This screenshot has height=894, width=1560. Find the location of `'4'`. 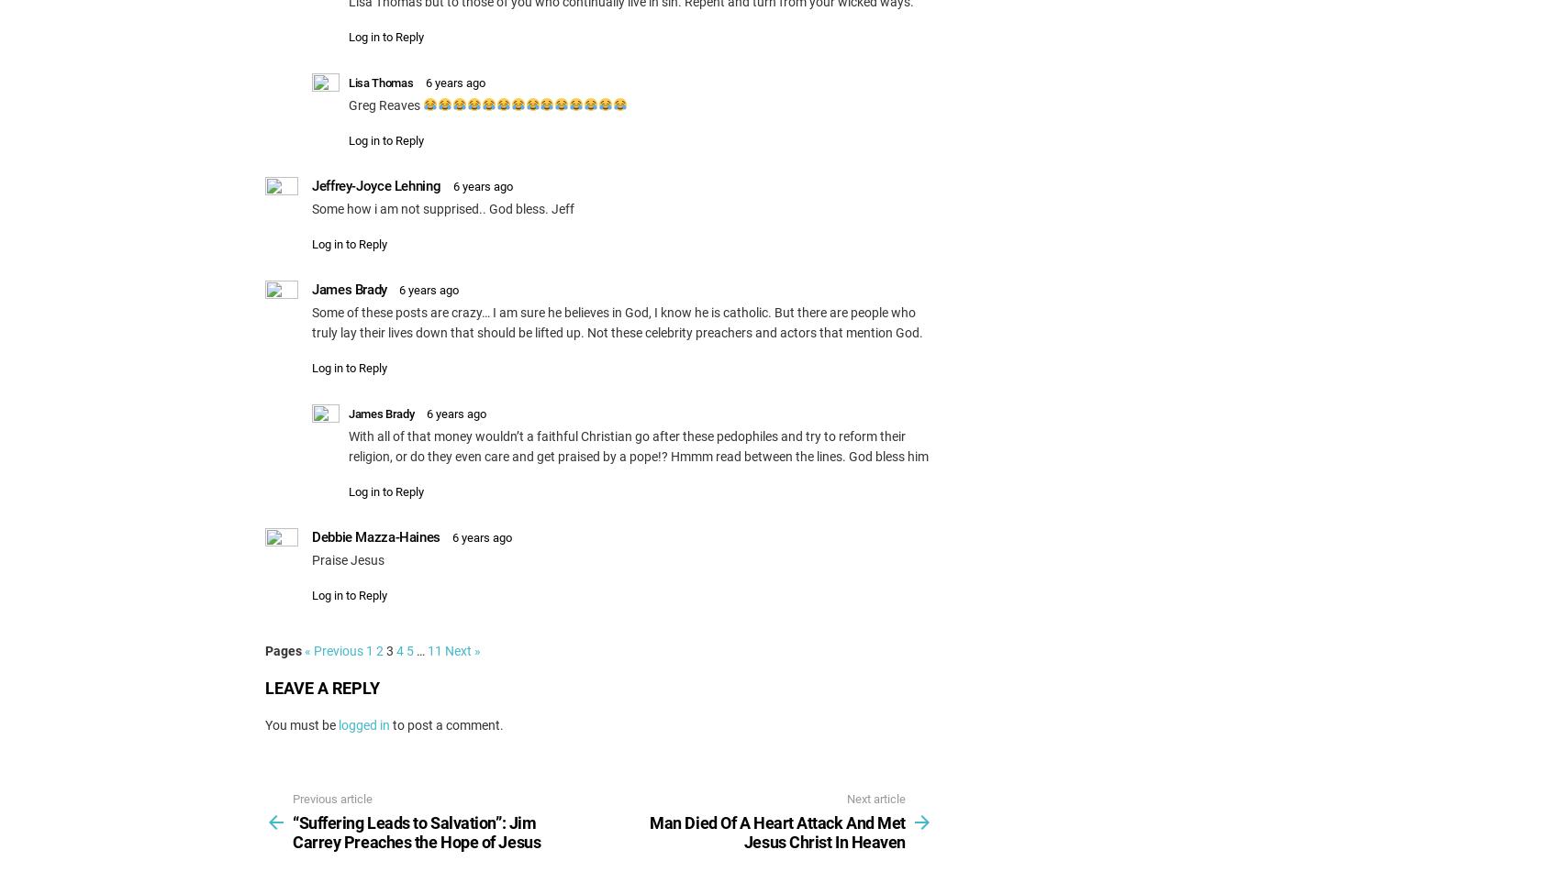

'4' is located at coordinates (400, 649).